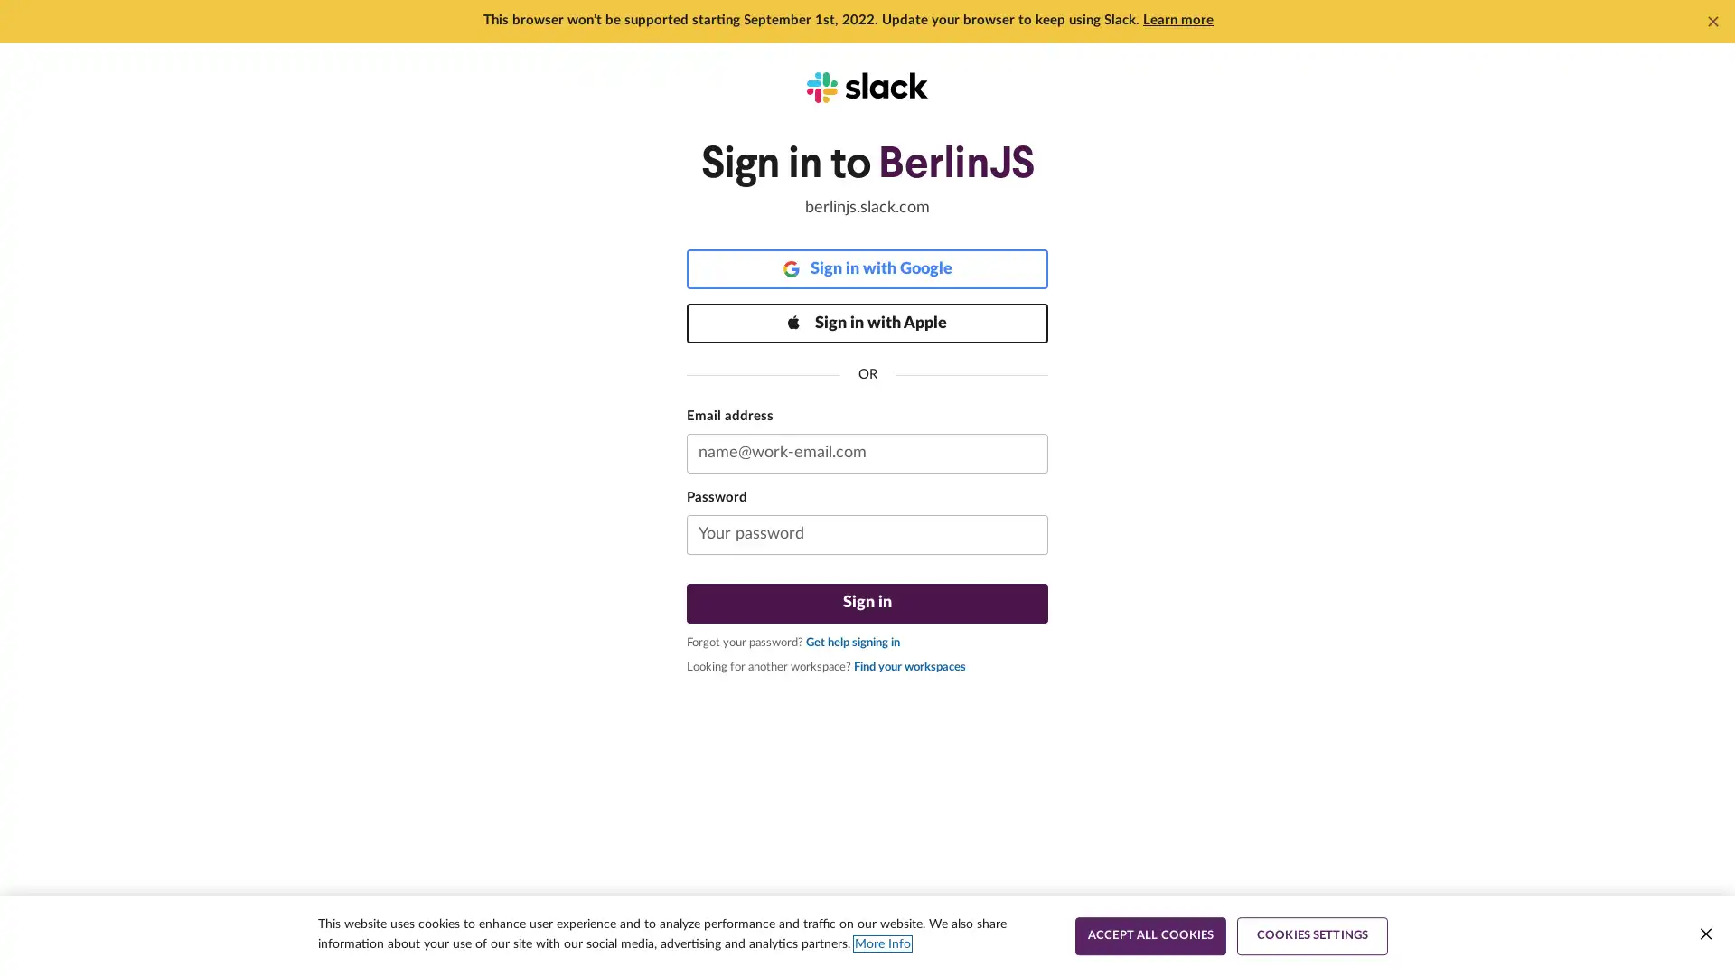 Image resolution: width=1735 pixels, height=976 pixels. I want to click on COOKIES SETTINGS, so click(1312, 935).